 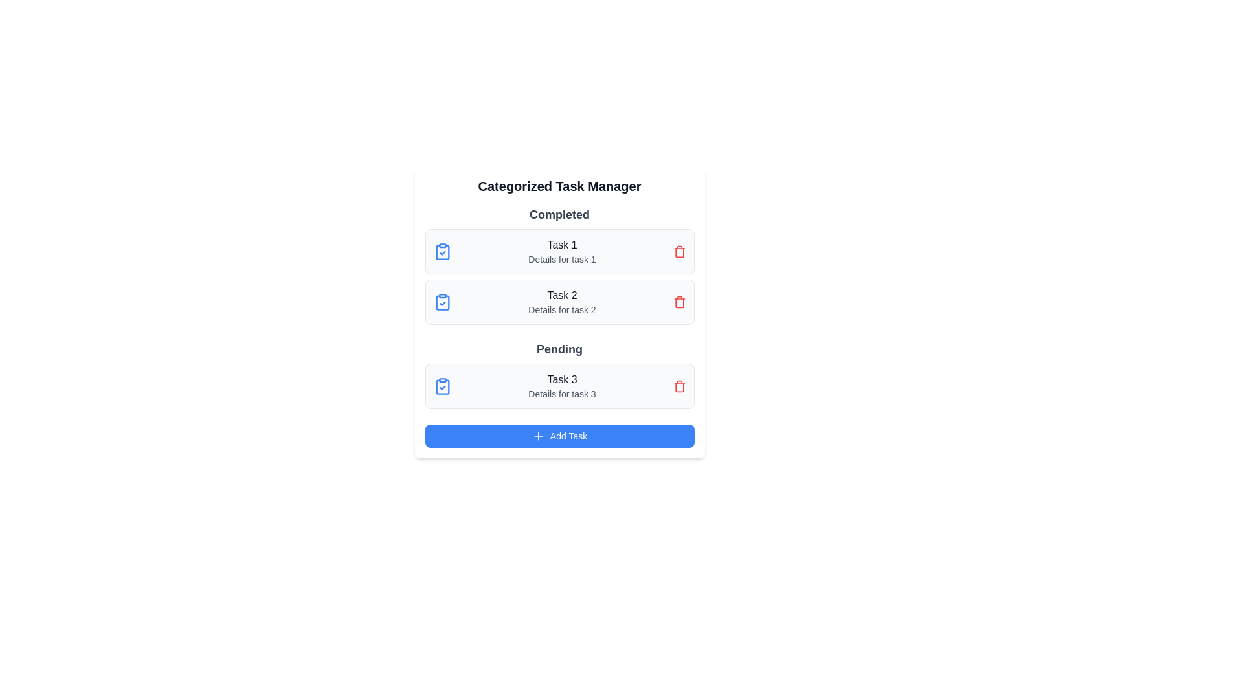 What do you see at coordinates (442, 302) in the screenshot?
I see `the check icon for task Task 2 to mark it as completed or inspected` at bounding box center [442, 302].